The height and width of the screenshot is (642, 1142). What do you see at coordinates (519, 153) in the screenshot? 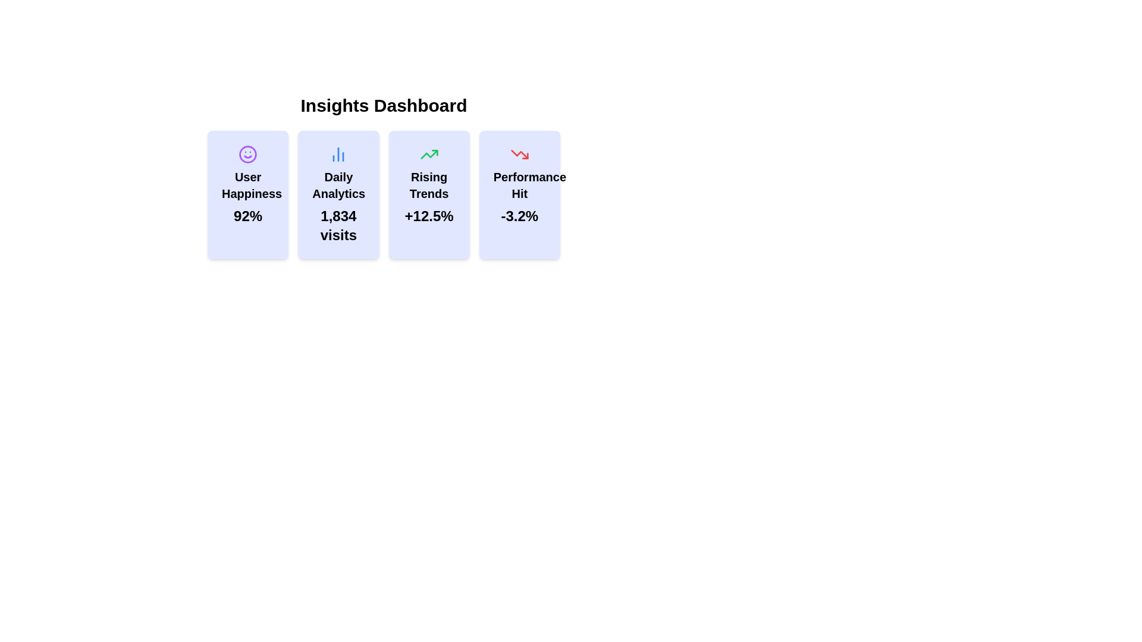
I see `the red downward trending arrow icon with a sharp zigzag design located in the 'Performance Hit' card within the 'Insights Dashboard'` at bounding box center [519, 153].